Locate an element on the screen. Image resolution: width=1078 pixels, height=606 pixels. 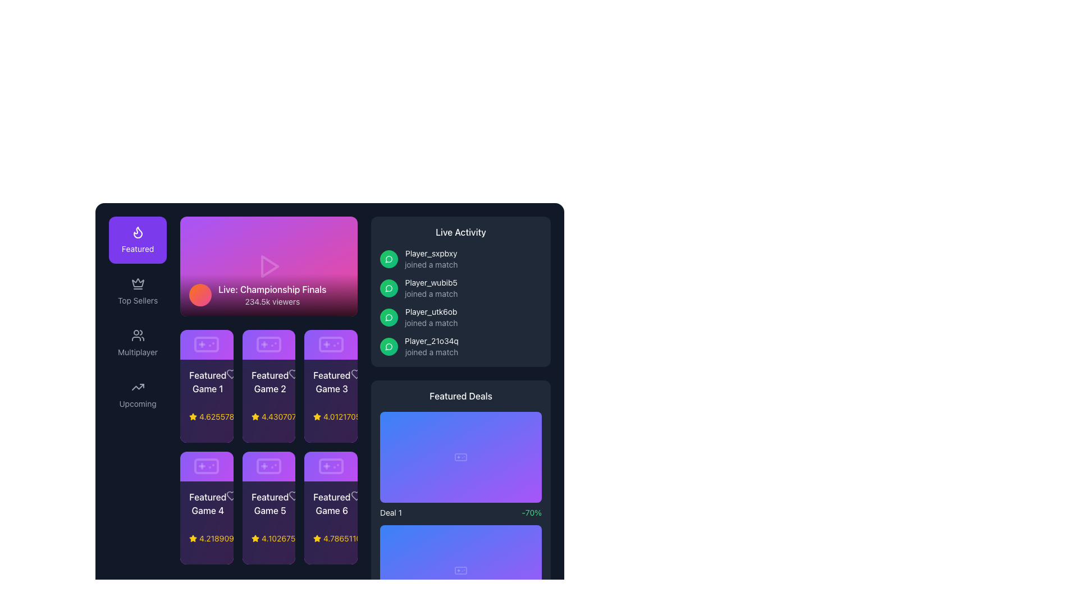
the 'Featured Game 5' informational card located in the middle column of the second row is located at coordinates (268, 508).